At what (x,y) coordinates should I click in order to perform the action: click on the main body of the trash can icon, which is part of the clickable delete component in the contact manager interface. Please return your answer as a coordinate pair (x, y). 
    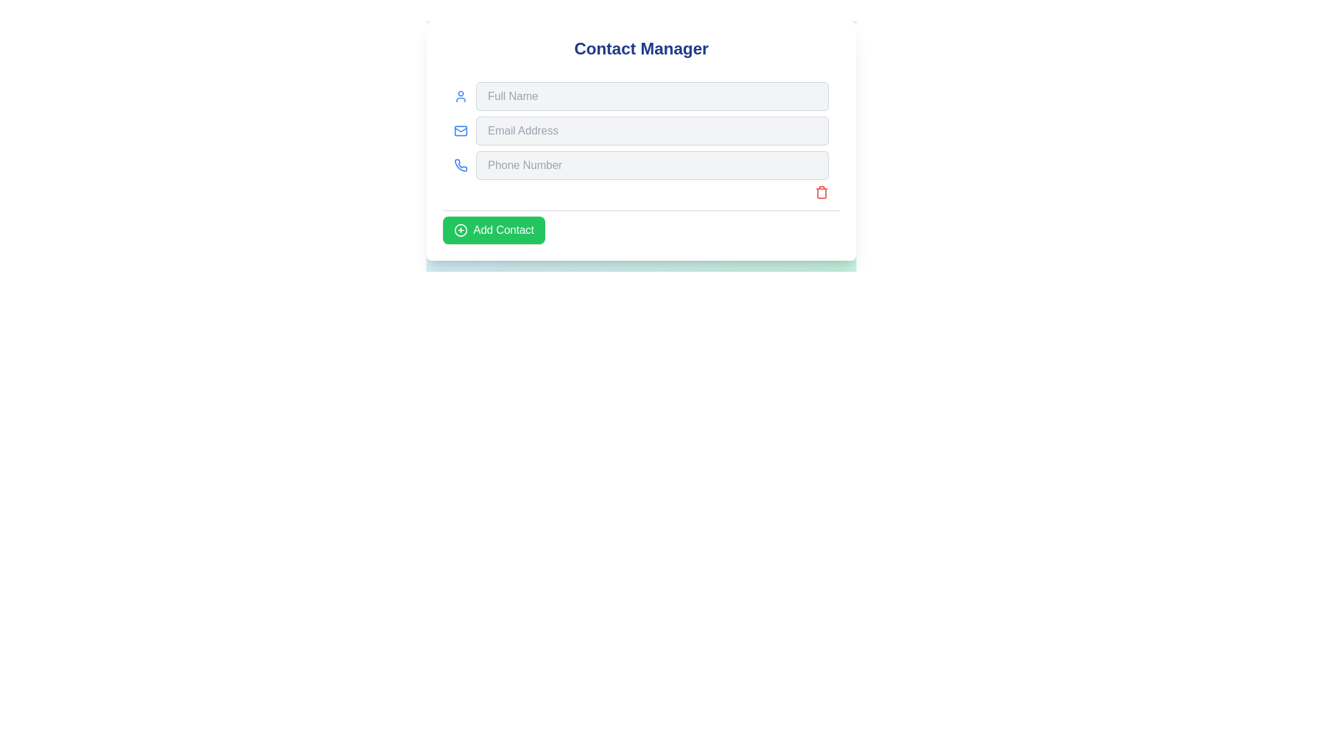
    Looking at the image, I should click on (821, 193).